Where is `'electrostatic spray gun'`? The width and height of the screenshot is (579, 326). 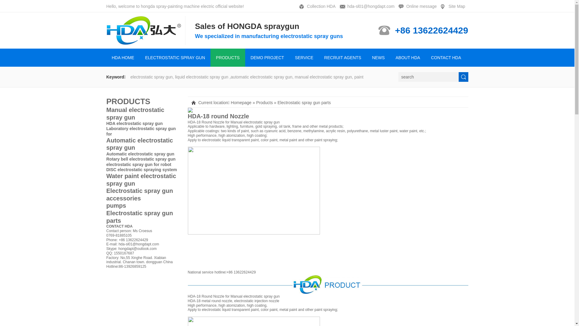 'electrostatic spray gun' is located at coordinates (261, 122).